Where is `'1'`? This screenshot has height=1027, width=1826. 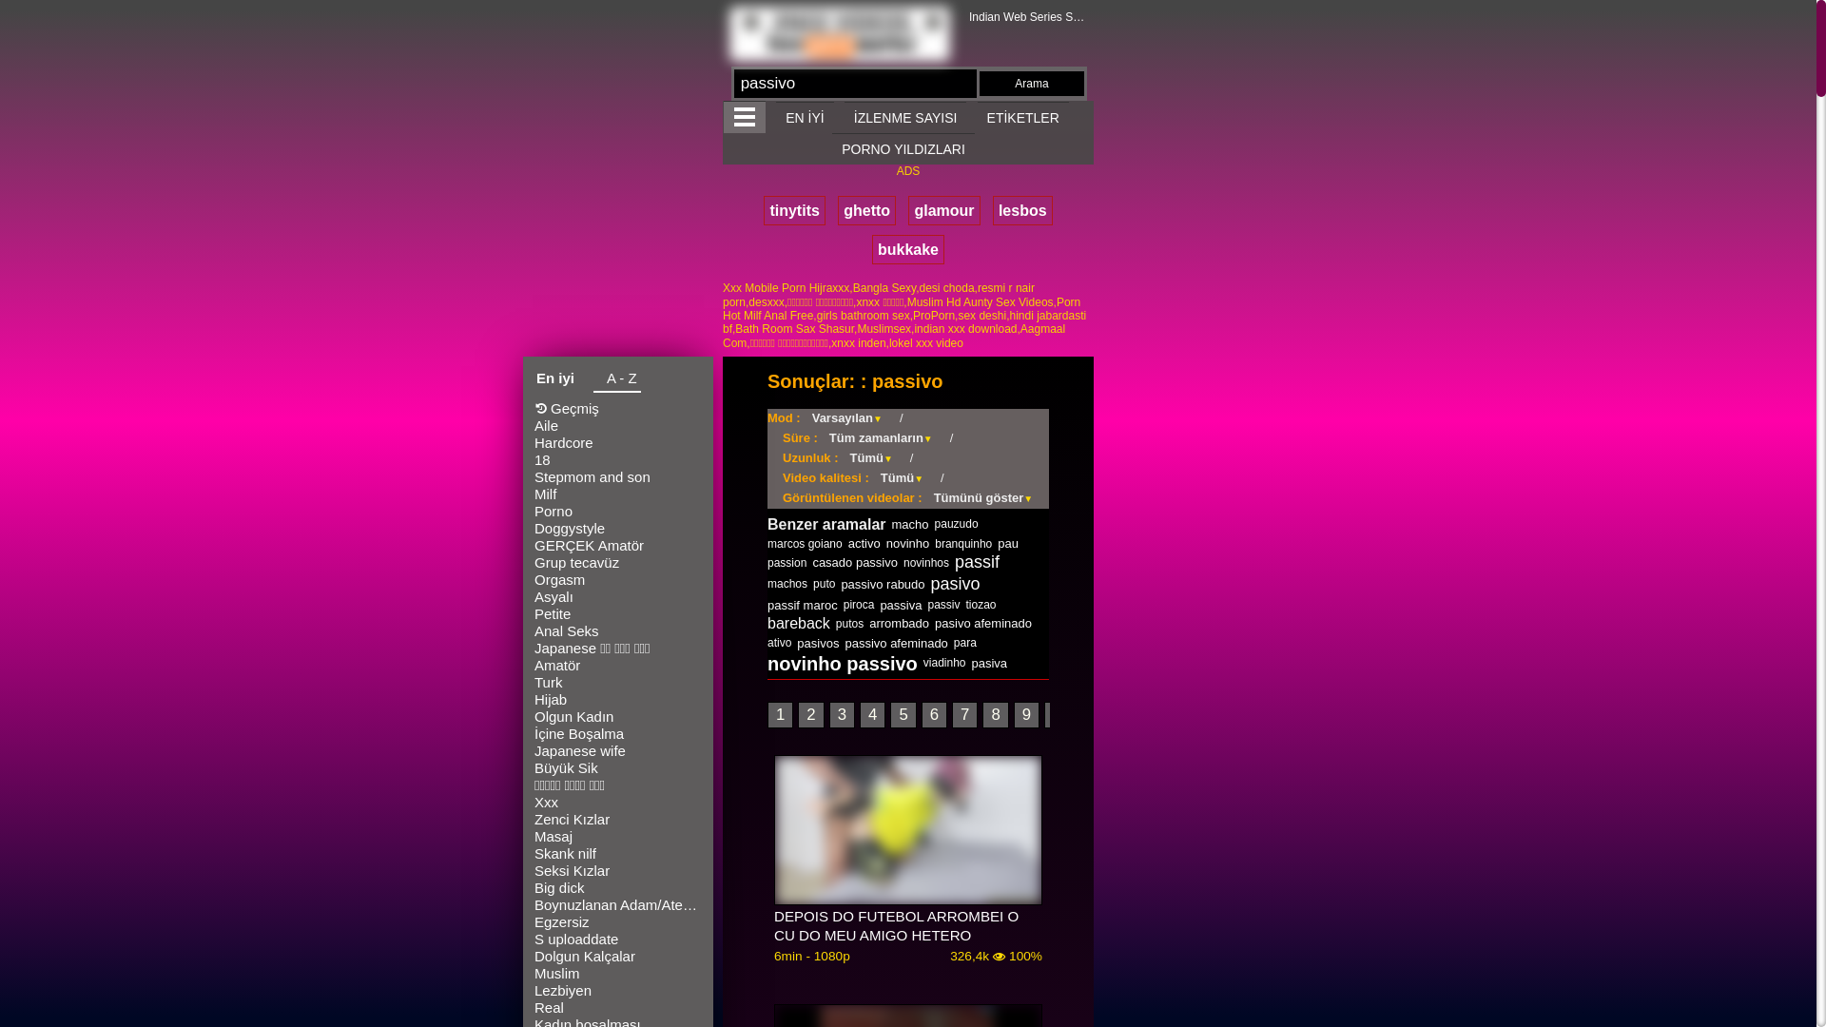 '1' is located at coordinates (780, 715).